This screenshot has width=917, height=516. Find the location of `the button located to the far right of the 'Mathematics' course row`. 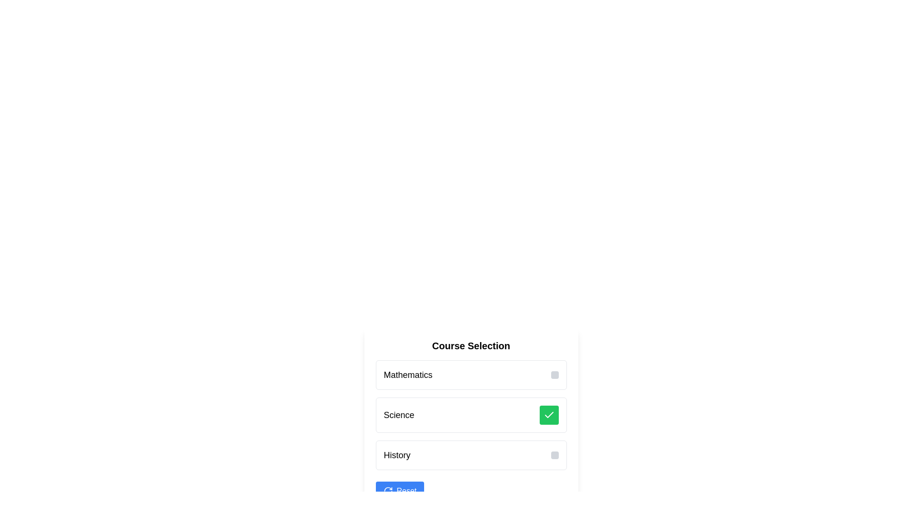

the button located to the far right of the 'Mathematics' course row is located at coordinates (554, 375).